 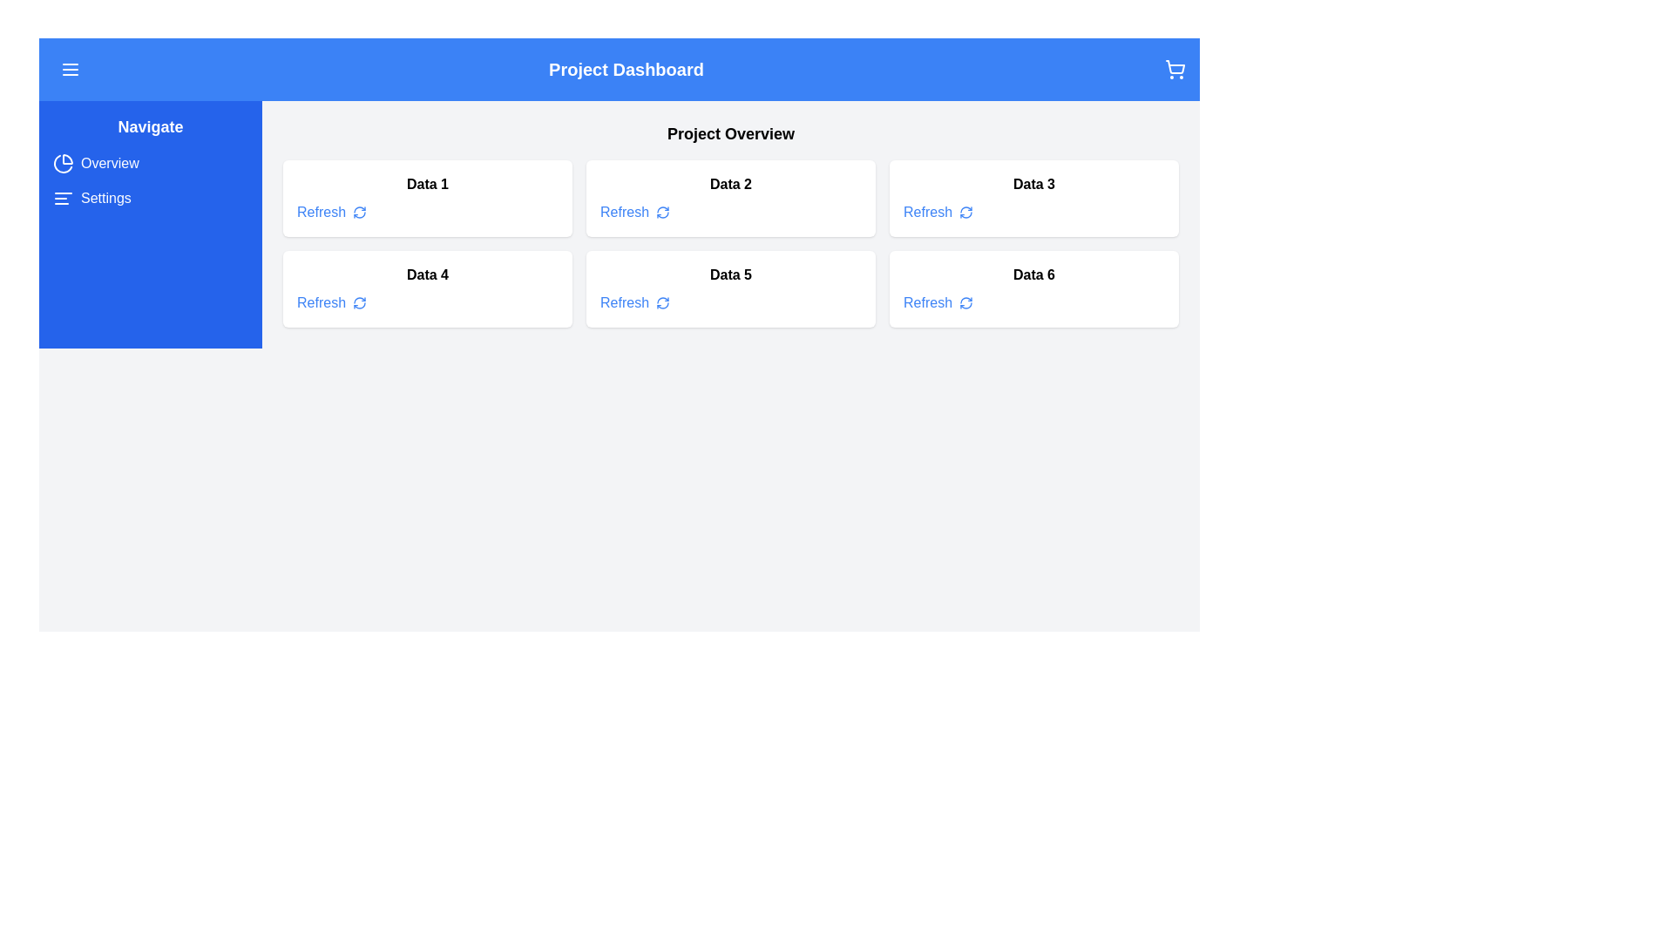 I want to click on the plain text label located in the second row, first column of the grid under the 'Project Overview' section, so click(x=427, y=274).